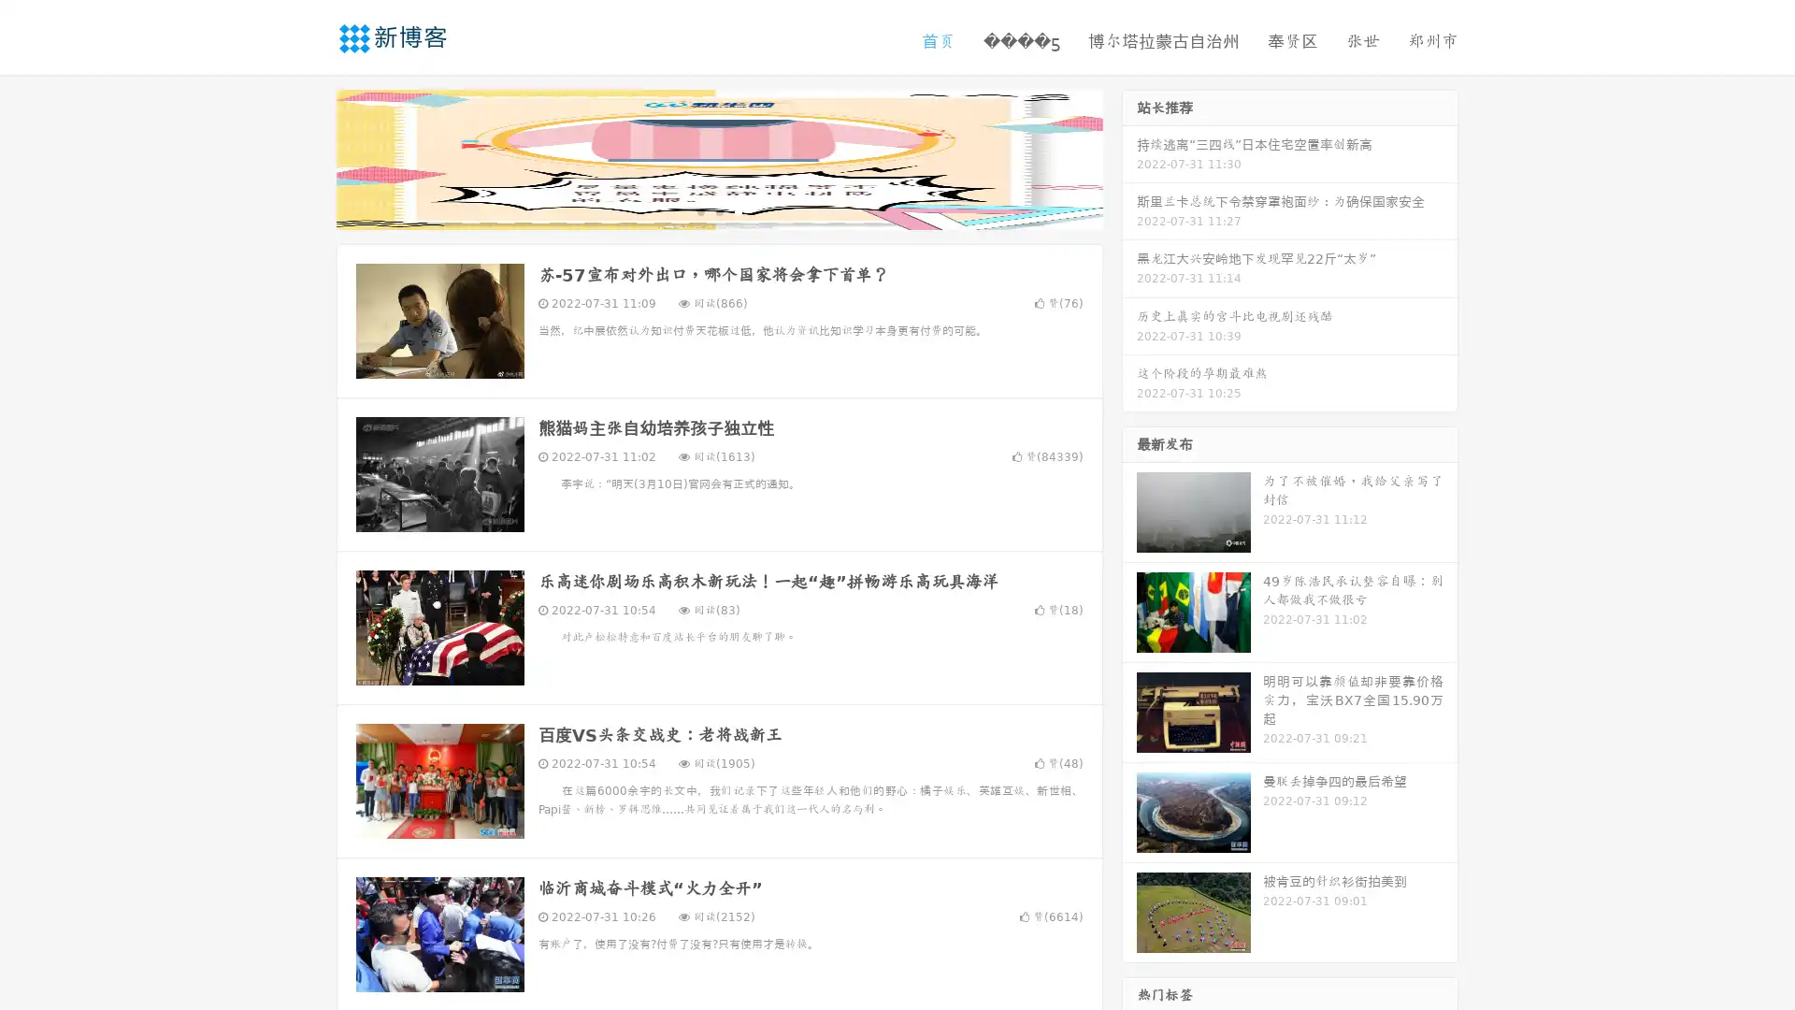 The width and height of the screenshot is (1795, 1010). Describe the element at coordinates (699, 210) in the screenshot. I see `Go to slide 1` at that location.